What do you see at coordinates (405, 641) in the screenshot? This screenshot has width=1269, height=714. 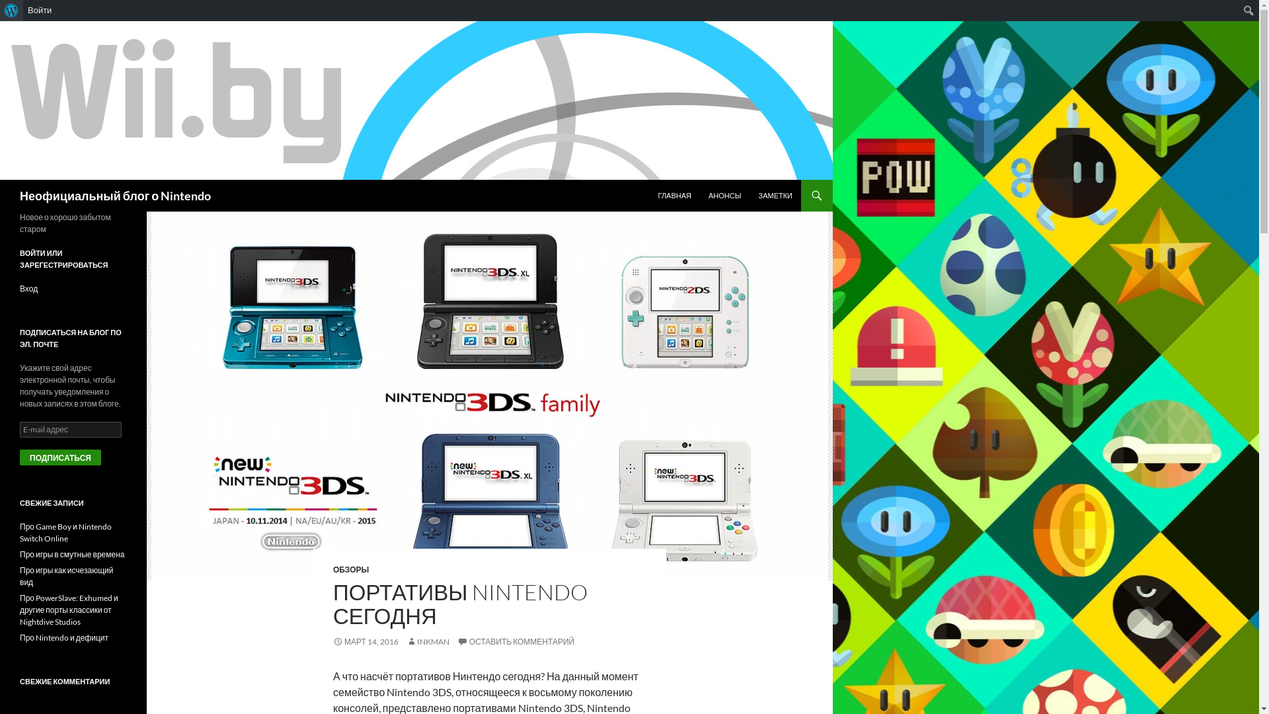 I see `'INKMAN'` at bounding box center [405, 641].